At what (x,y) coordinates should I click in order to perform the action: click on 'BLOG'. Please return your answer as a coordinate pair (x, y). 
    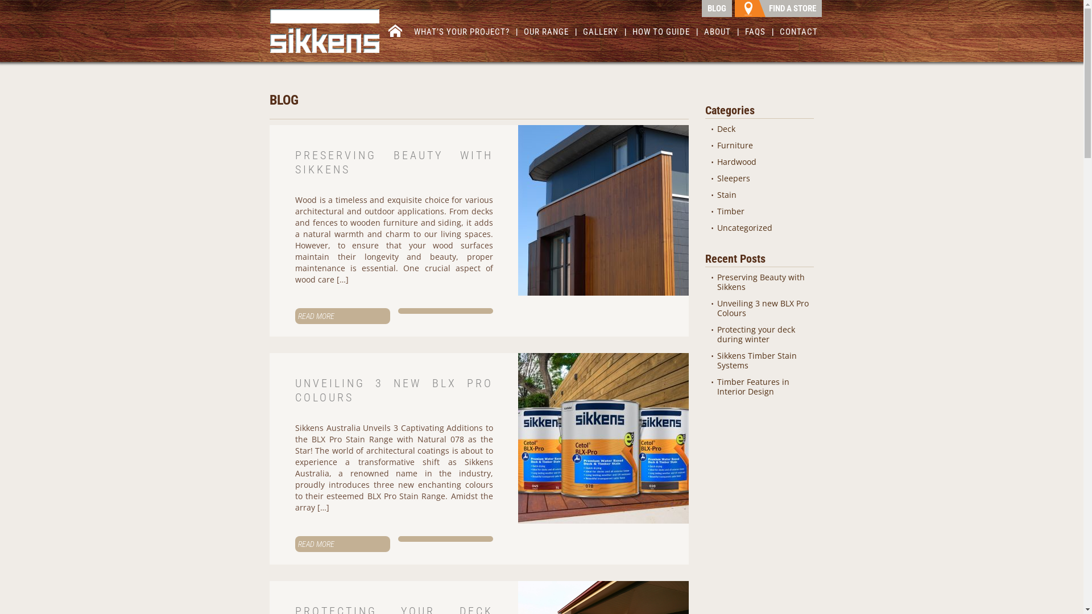
    Looking at the image, I should click on (716, 9).